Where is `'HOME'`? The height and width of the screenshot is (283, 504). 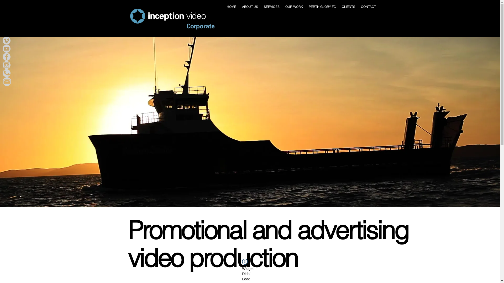
'HOME' is located at coordinates (231, 7).